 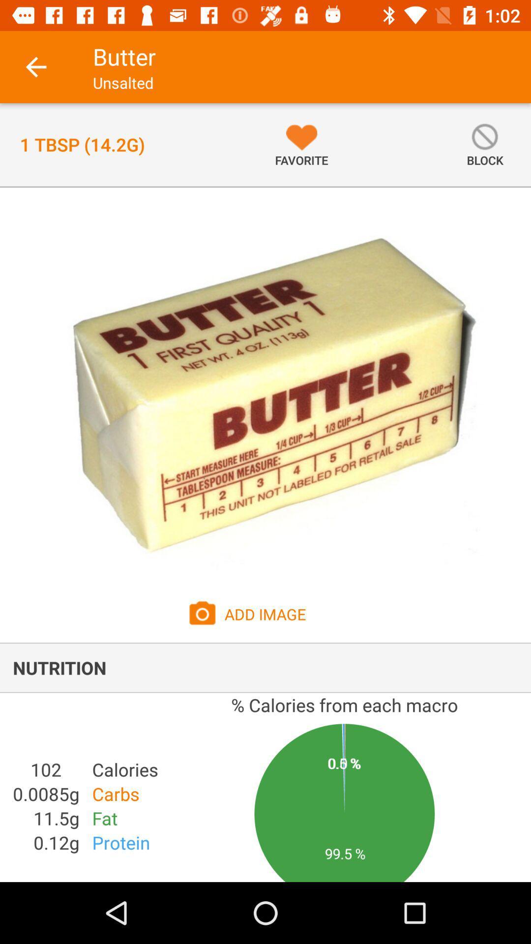 I want to click on the item to the left of the favorite item, so click(x=82, y=144).